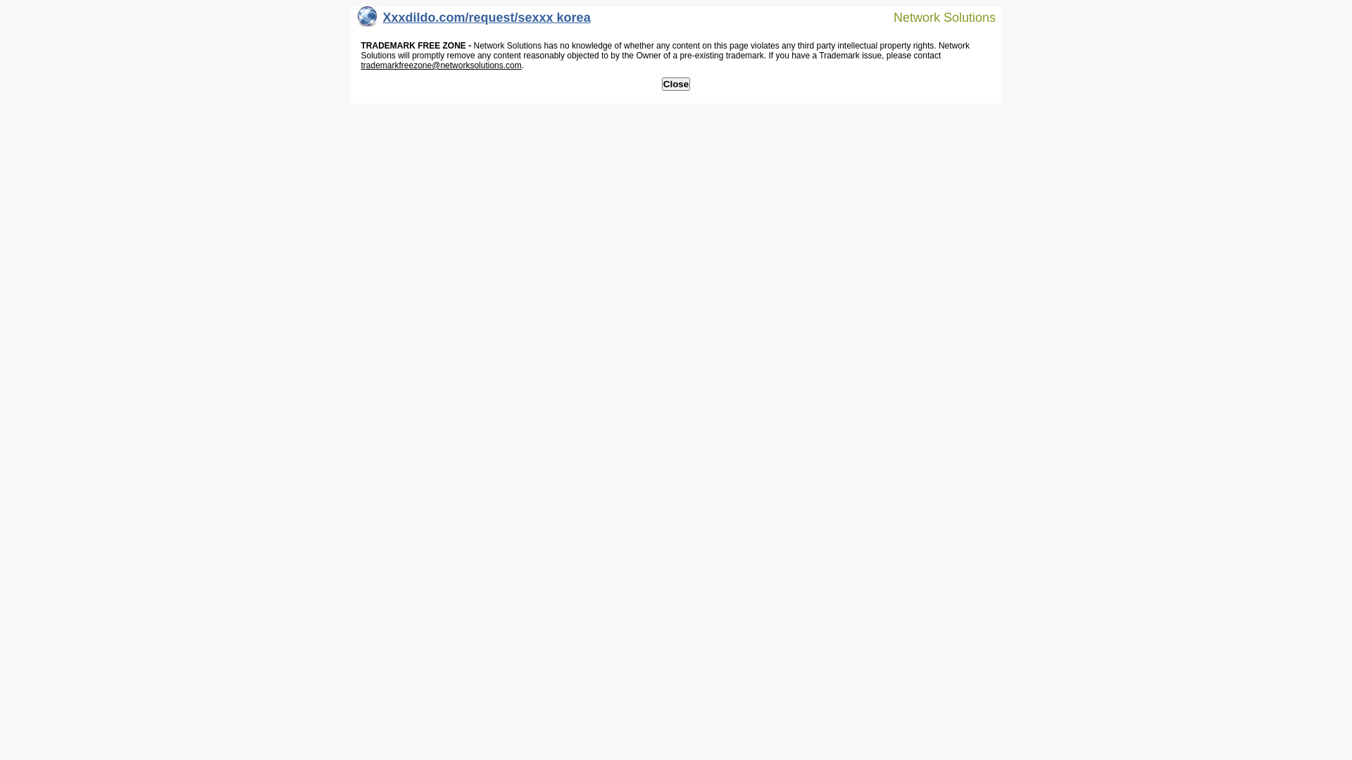 Image resolution: width=1352 pixels, height=760 pixels. What do you see at coordinates (676, 84) in the screenshot?
I see `'Close'` at bounding box center [676, 84].